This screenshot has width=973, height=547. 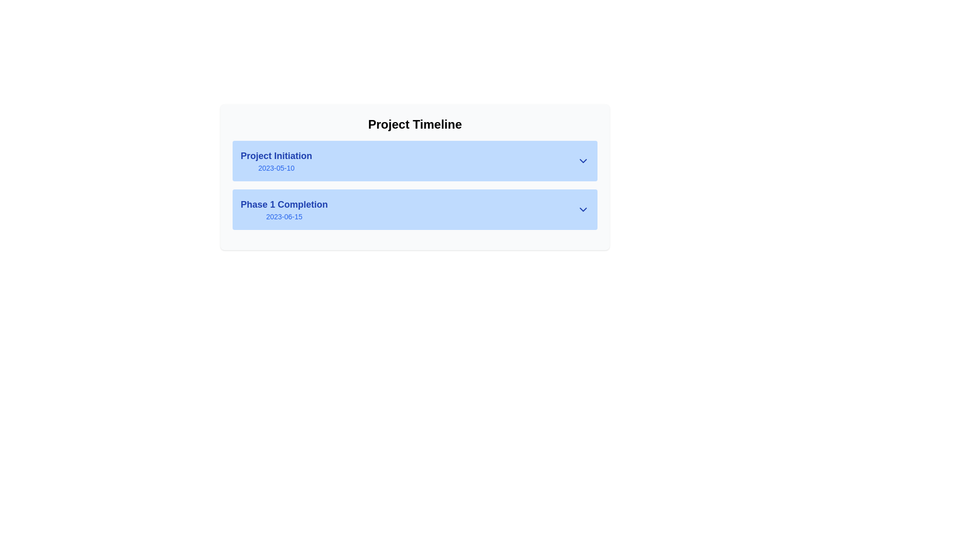 What do you see at coordinates (415, 220) in the screenshot?
I see `the 'Phase 1 Completion' list item in the project timeline` at bounding box center [415, 220].